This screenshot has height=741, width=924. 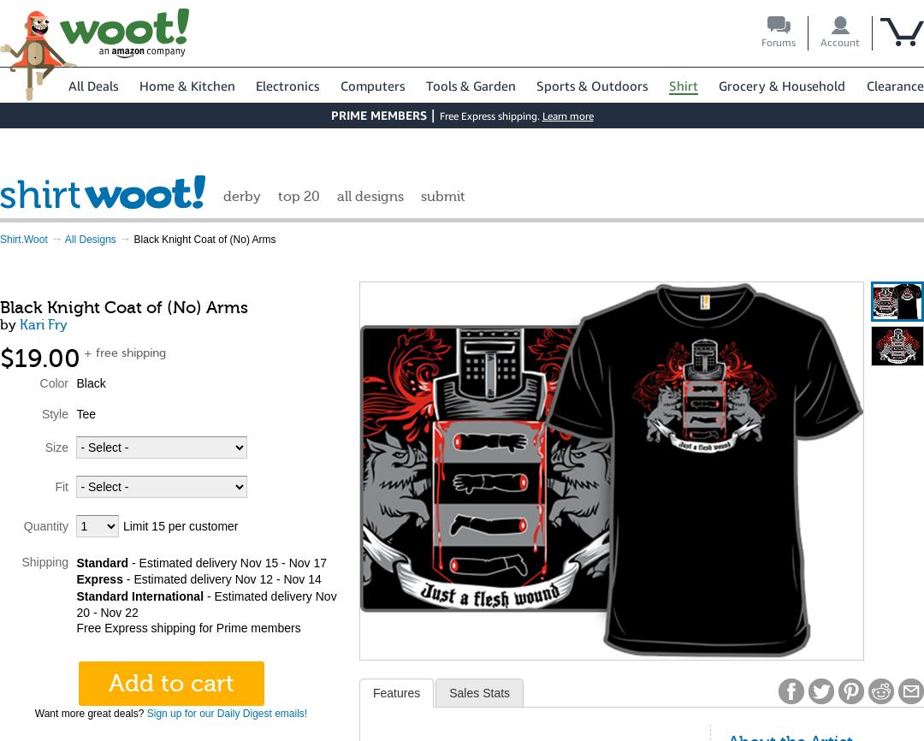 I want to click on 'Style', so click(x=54, y=412).